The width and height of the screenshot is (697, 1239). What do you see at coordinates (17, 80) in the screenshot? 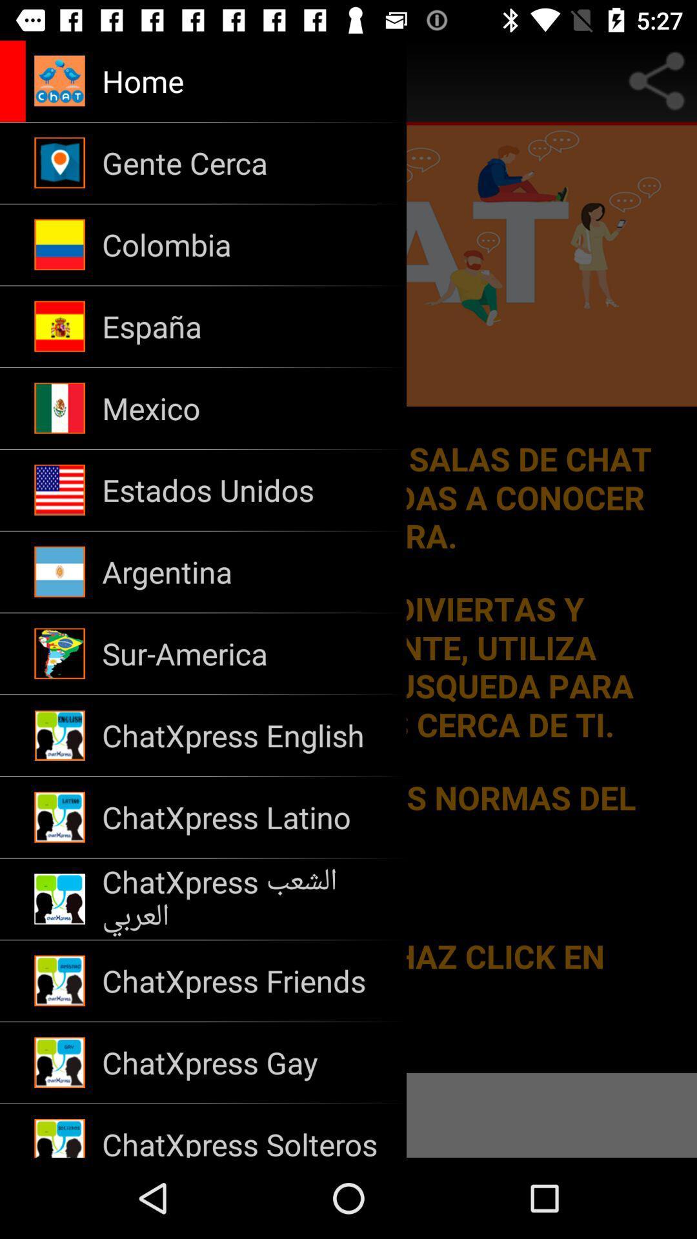
I see `home page` at bounding box center [17, 80].